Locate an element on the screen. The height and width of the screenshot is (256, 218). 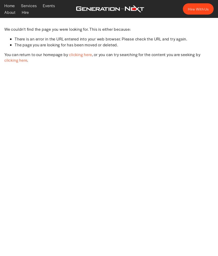
'We couldn't find the page you were looking for. This is either because:' is located at coordinates (67, 28).